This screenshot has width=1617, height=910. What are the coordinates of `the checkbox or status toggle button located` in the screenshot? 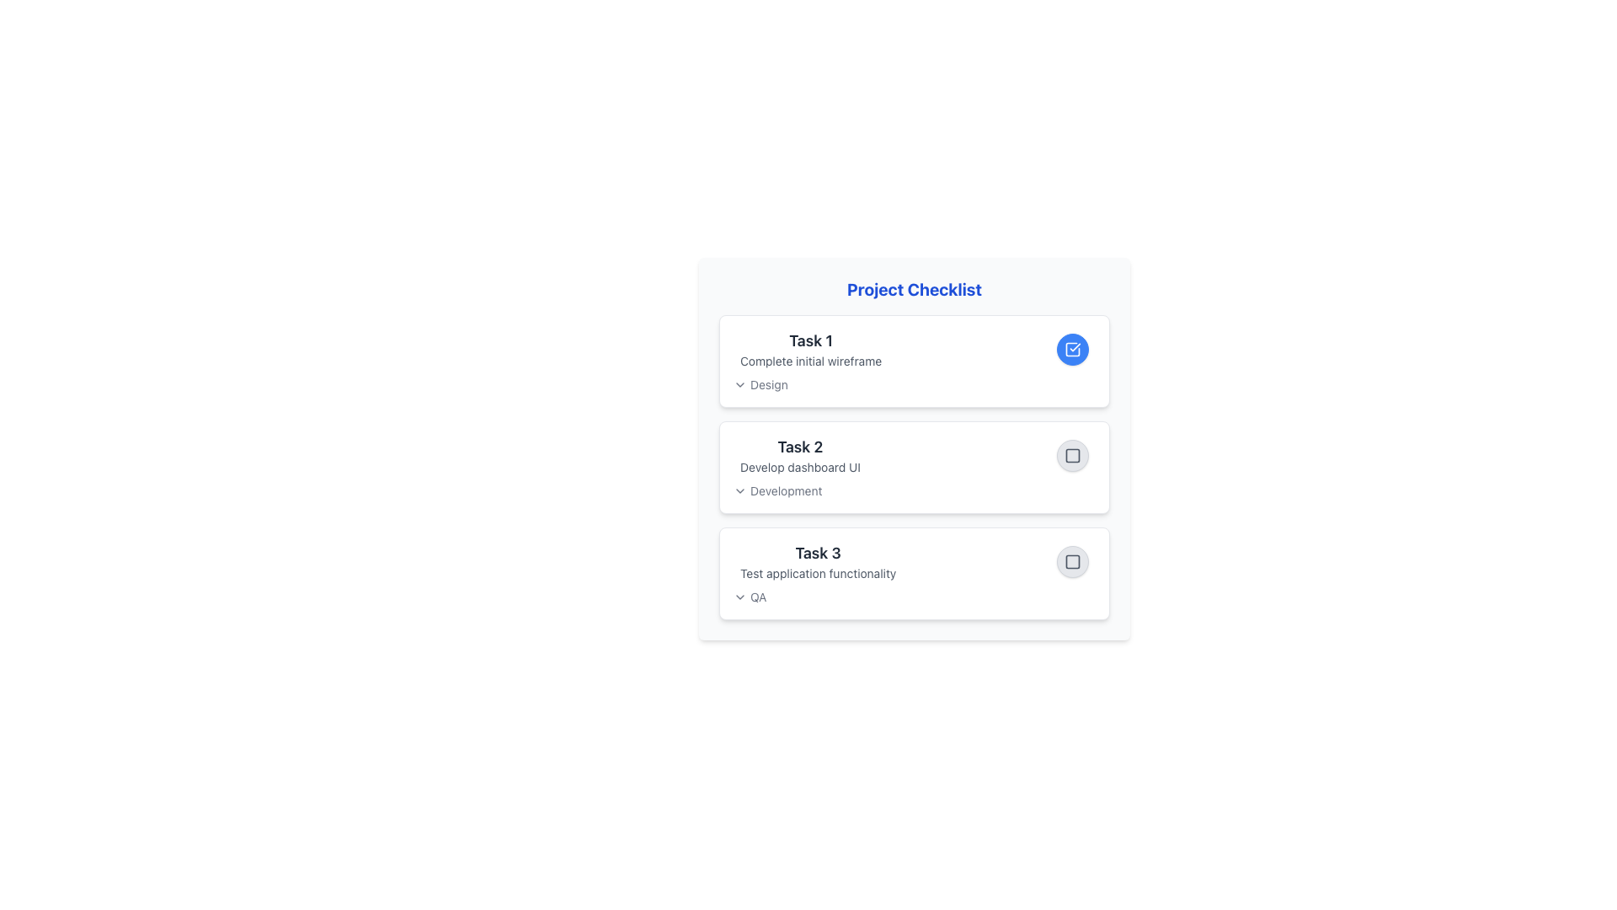 It's located at (1071, 562).